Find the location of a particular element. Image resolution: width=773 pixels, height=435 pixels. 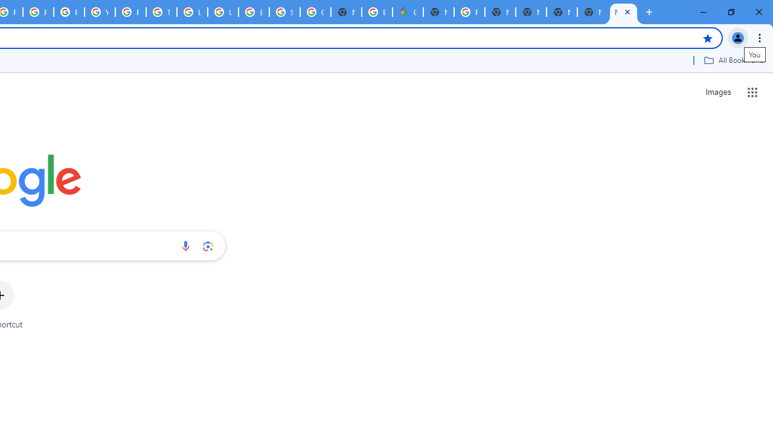

'Privacy Help Center - Policies Help' is located at coordinates (39, 12).